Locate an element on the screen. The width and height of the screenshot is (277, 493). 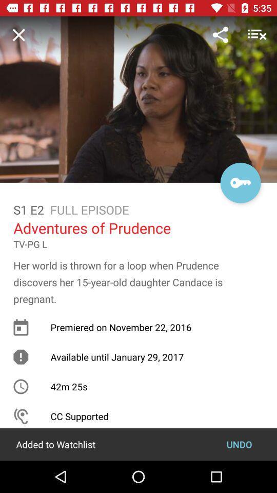
undo icon is located at coordinates (239, 444).